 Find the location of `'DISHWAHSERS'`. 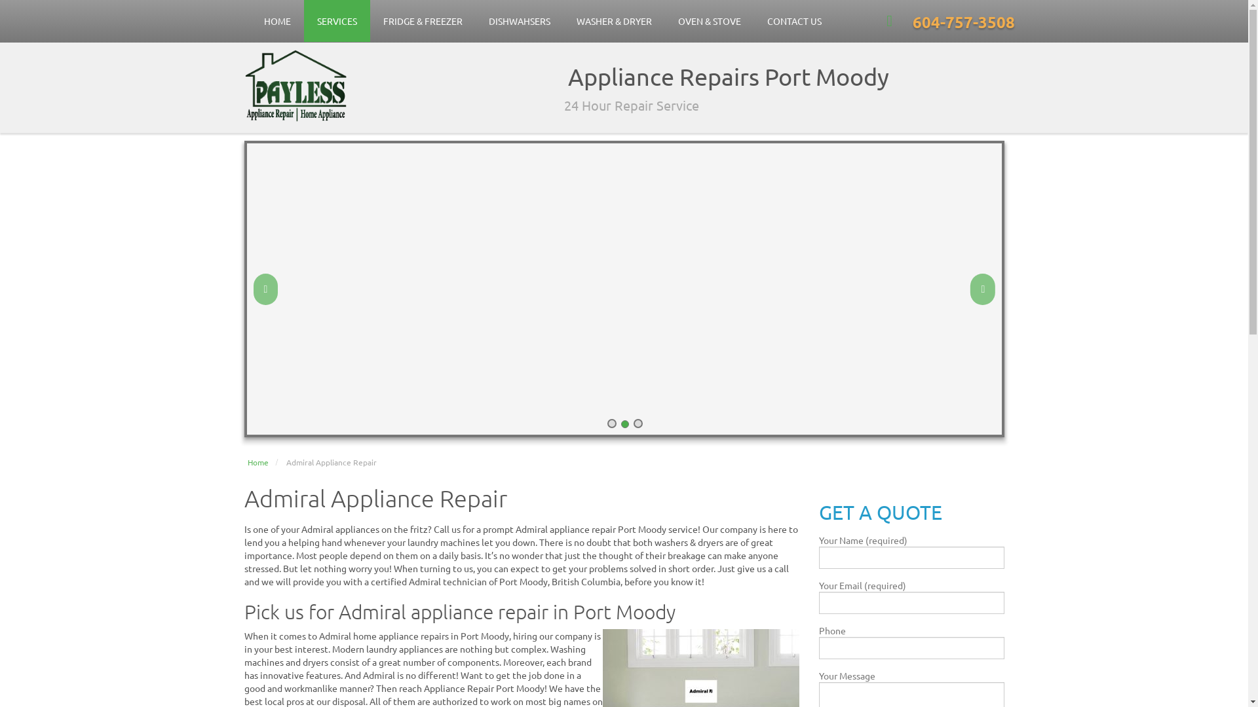

'DISHWAHSERS' is located at coordinates (518, 20).